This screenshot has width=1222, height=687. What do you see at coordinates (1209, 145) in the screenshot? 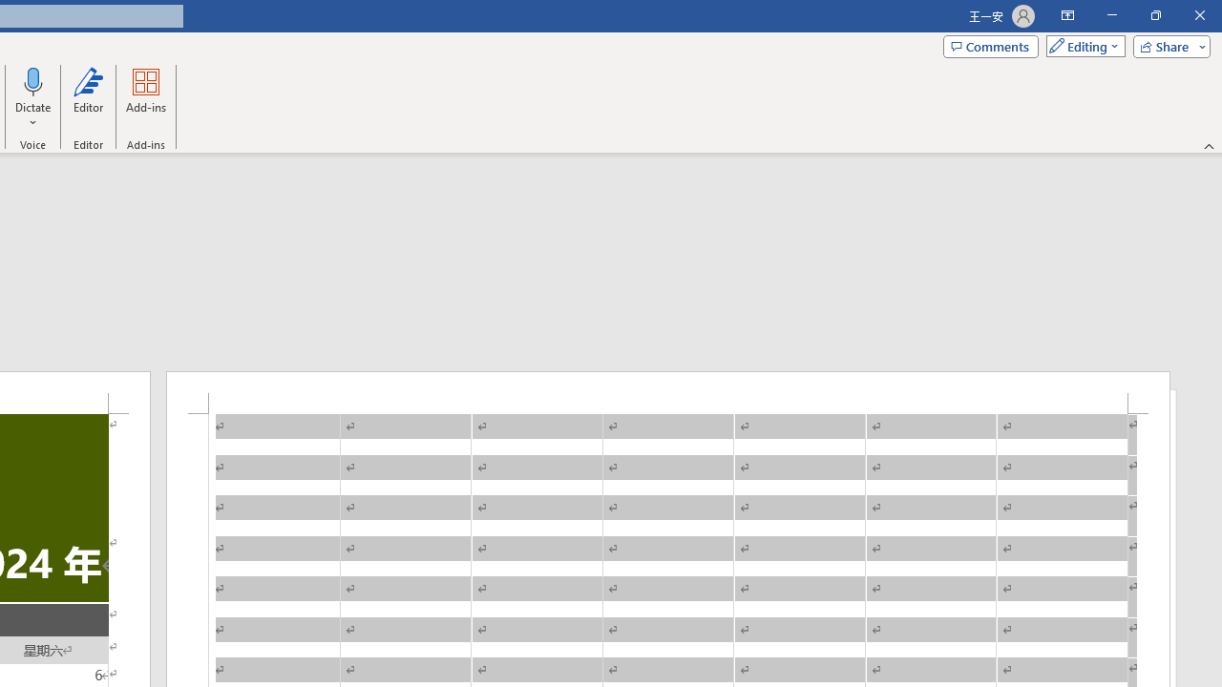
I see `'Collapse the Ribbon'` at bounding box center [1209, 145].